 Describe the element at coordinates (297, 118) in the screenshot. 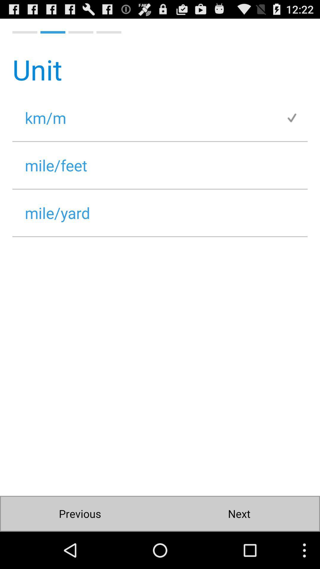

I see `the icon above the mile/feet app` at that location.